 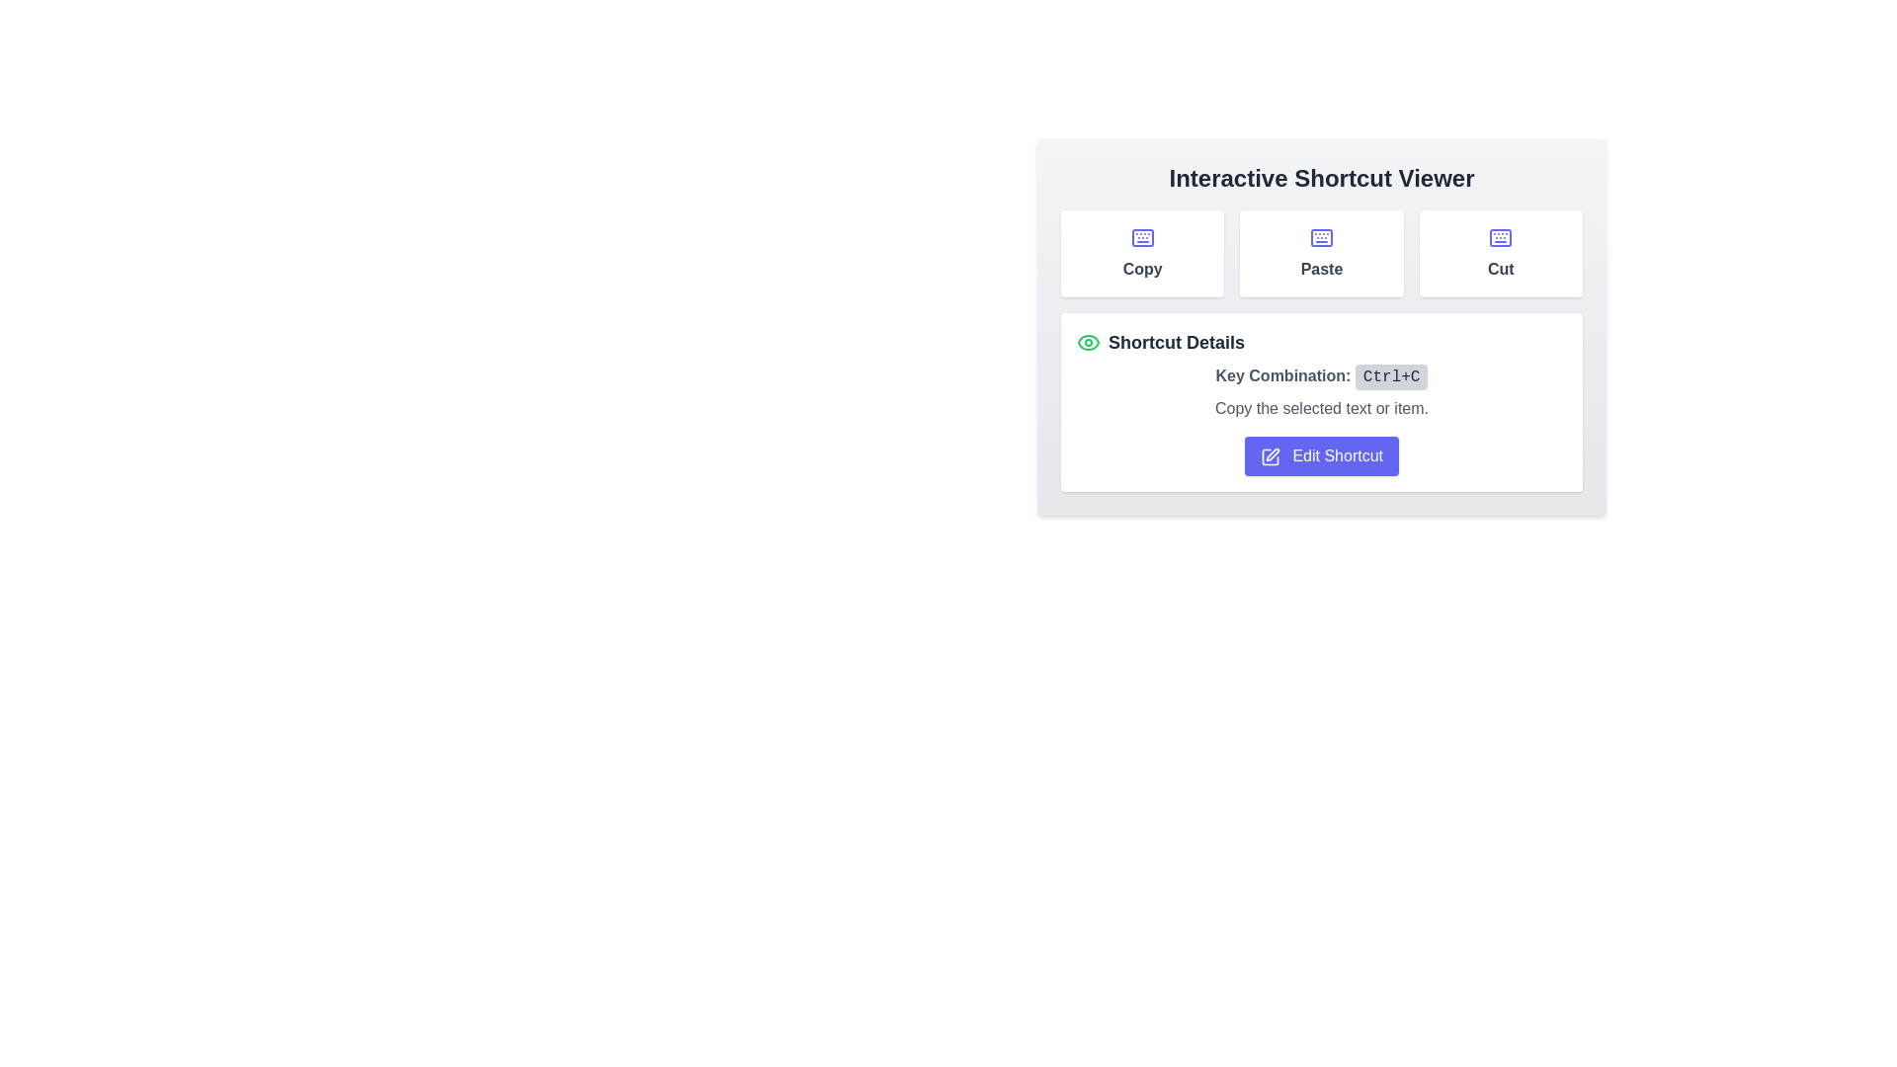 I want to click on the 'Copy' button with a white background and blue keyboard icon to enable keyboard interaction, so click(x=1142, y=253).